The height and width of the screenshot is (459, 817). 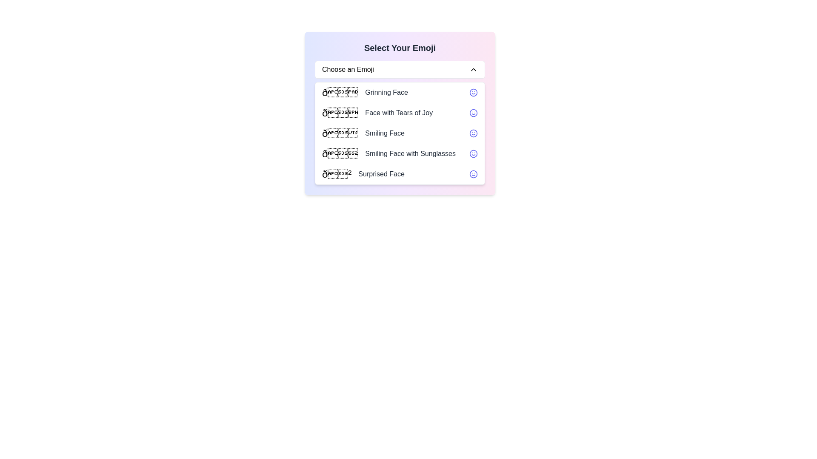 What do you see at coordinates (336, 173) in the screenshot?
I see `the emoji icon representing 'Surprised Face' in the emoji selection dropdown` at bounding box center [336, 173].